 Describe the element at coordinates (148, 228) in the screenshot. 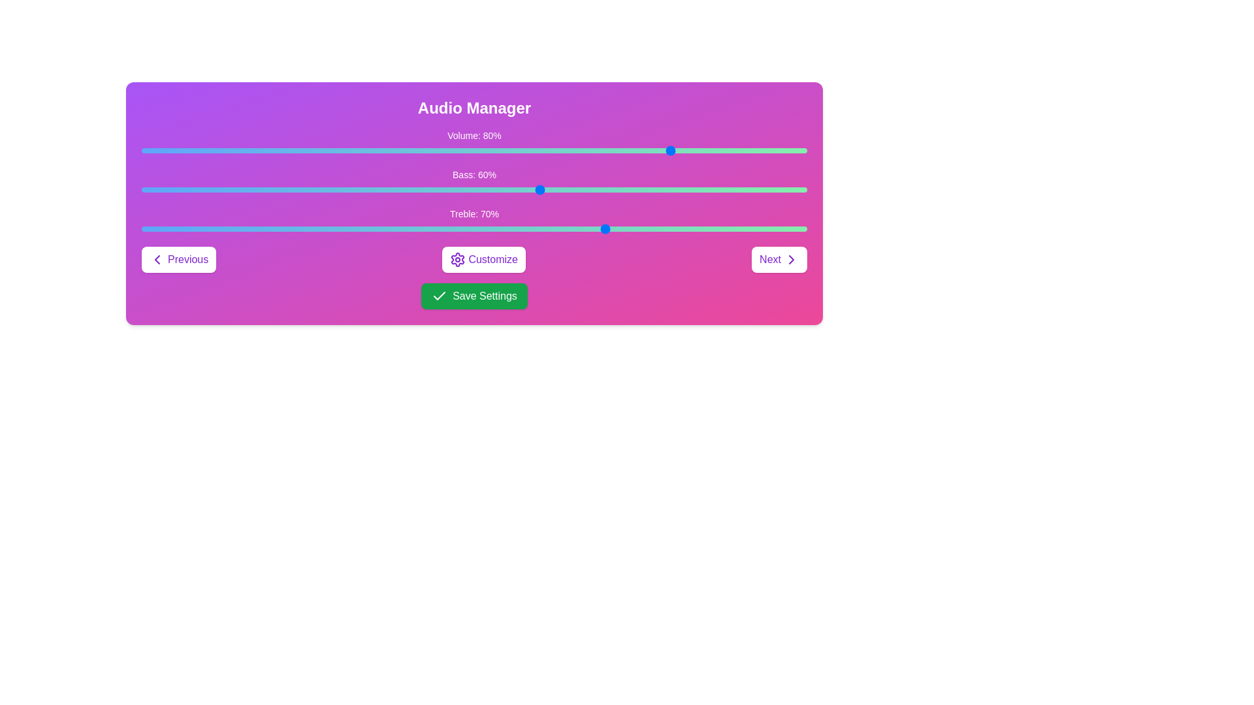

I see `the slider` at that location.